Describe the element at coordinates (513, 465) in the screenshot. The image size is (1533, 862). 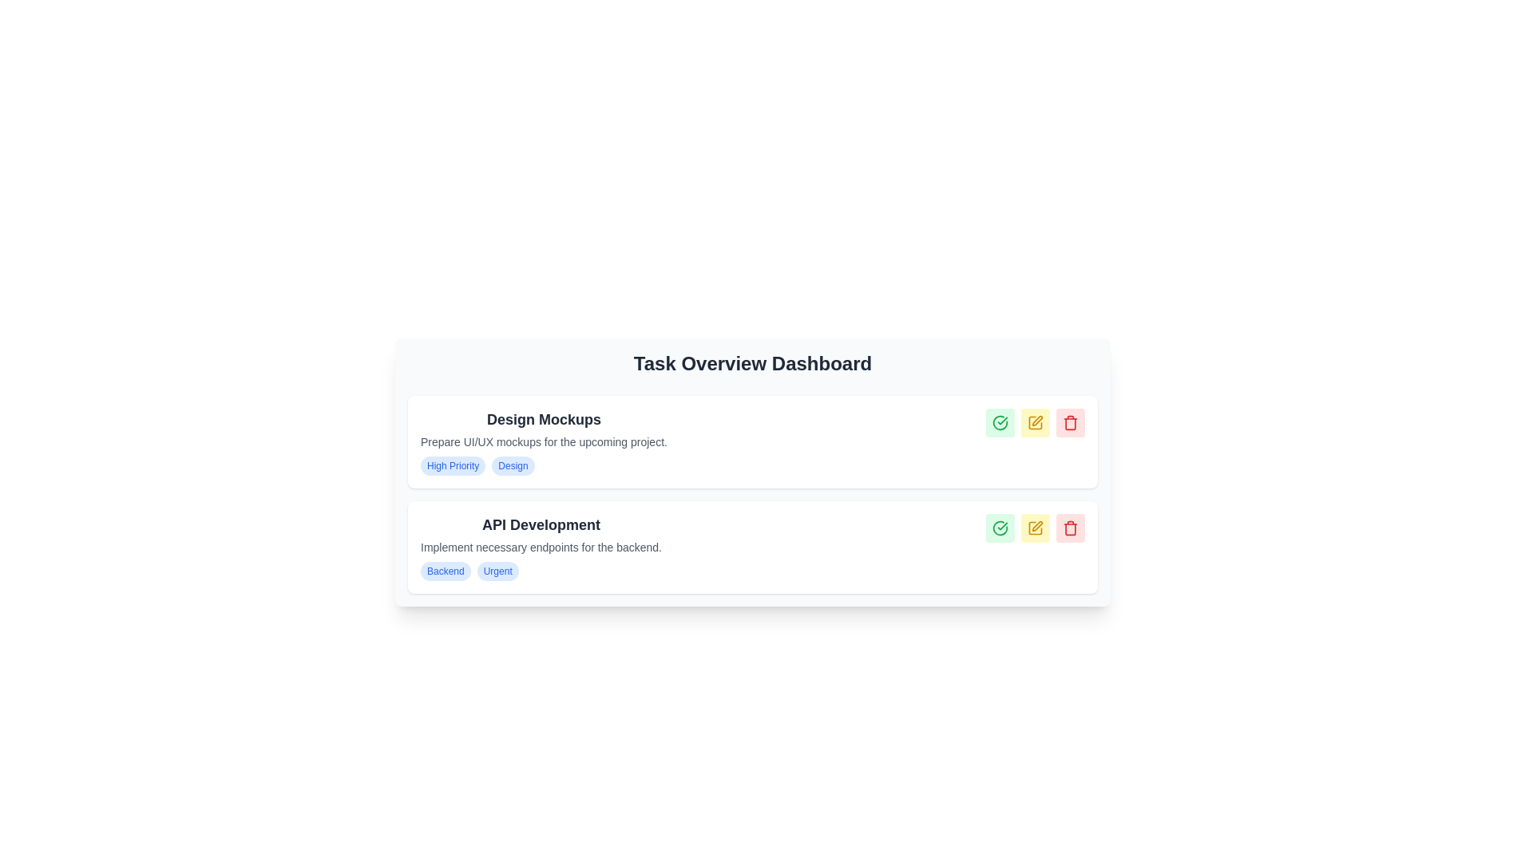
I see `the interactive badge located in the 'Design Mockups' section of the task overview dashboard, which is the second tag to the right of the 'High Priority' tag` at that location.